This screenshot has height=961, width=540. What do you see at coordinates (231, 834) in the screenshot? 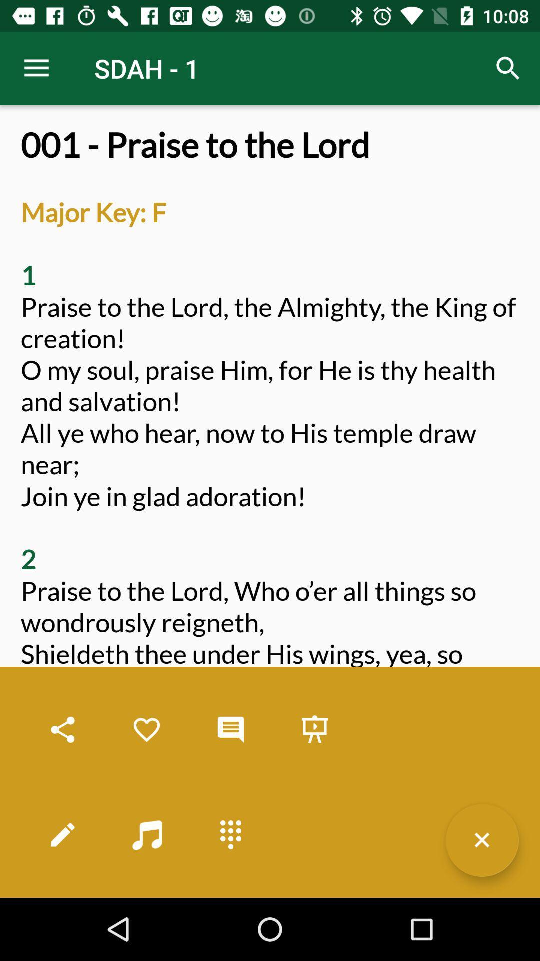
I see `an all other options` at bounding box center [231, 834].